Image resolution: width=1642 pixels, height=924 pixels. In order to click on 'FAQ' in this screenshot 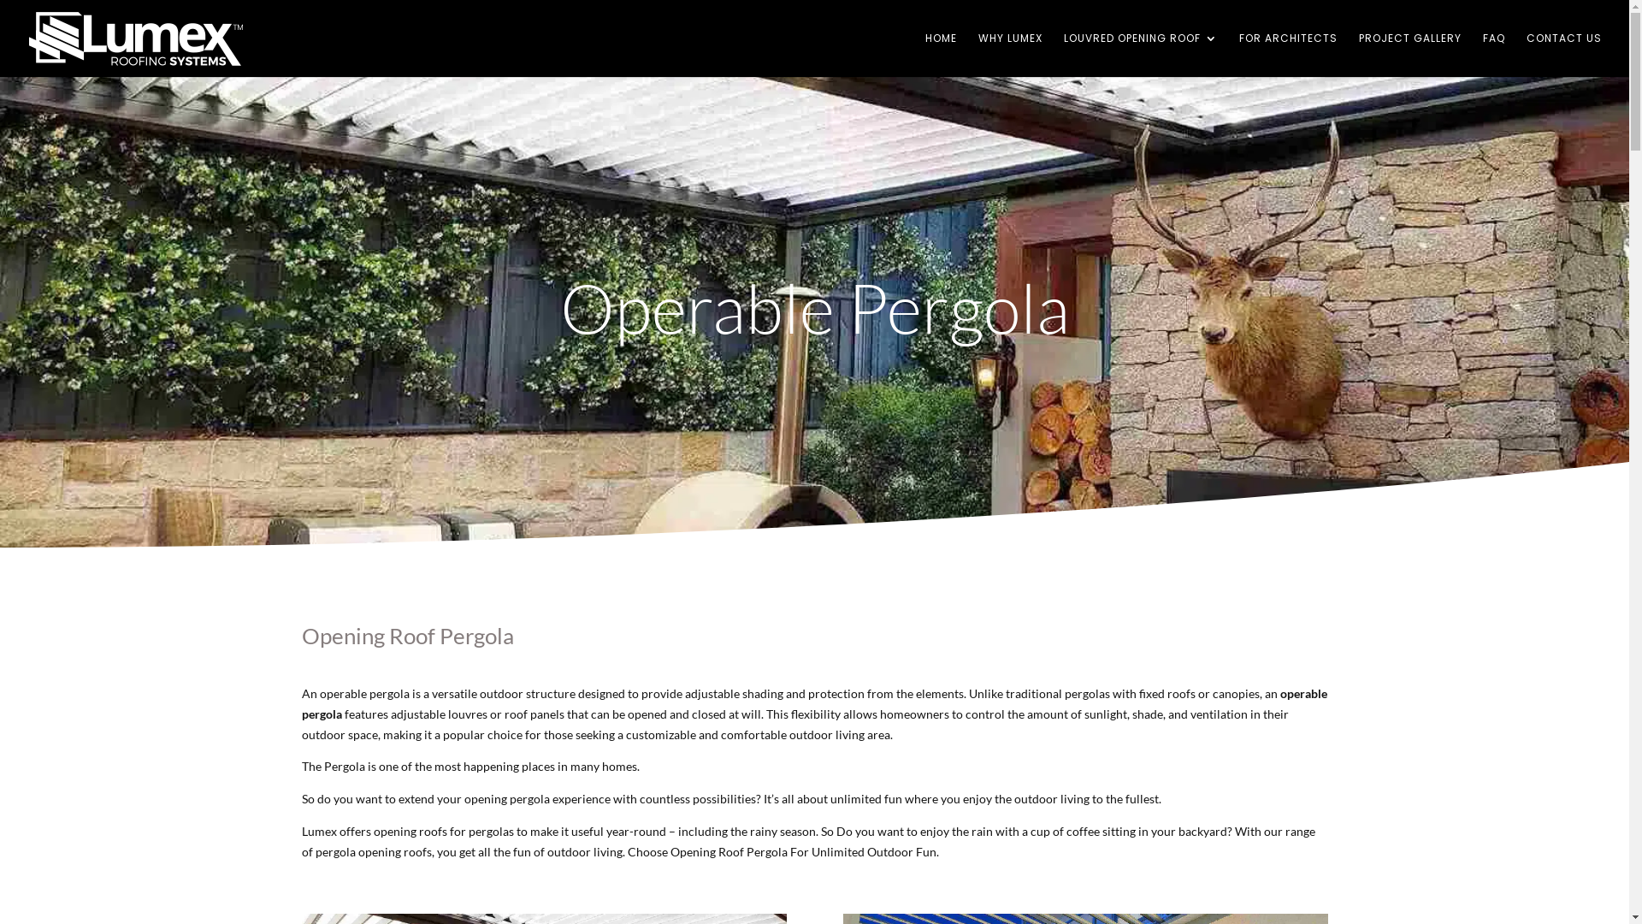, I will do `click(1493, 54)`.